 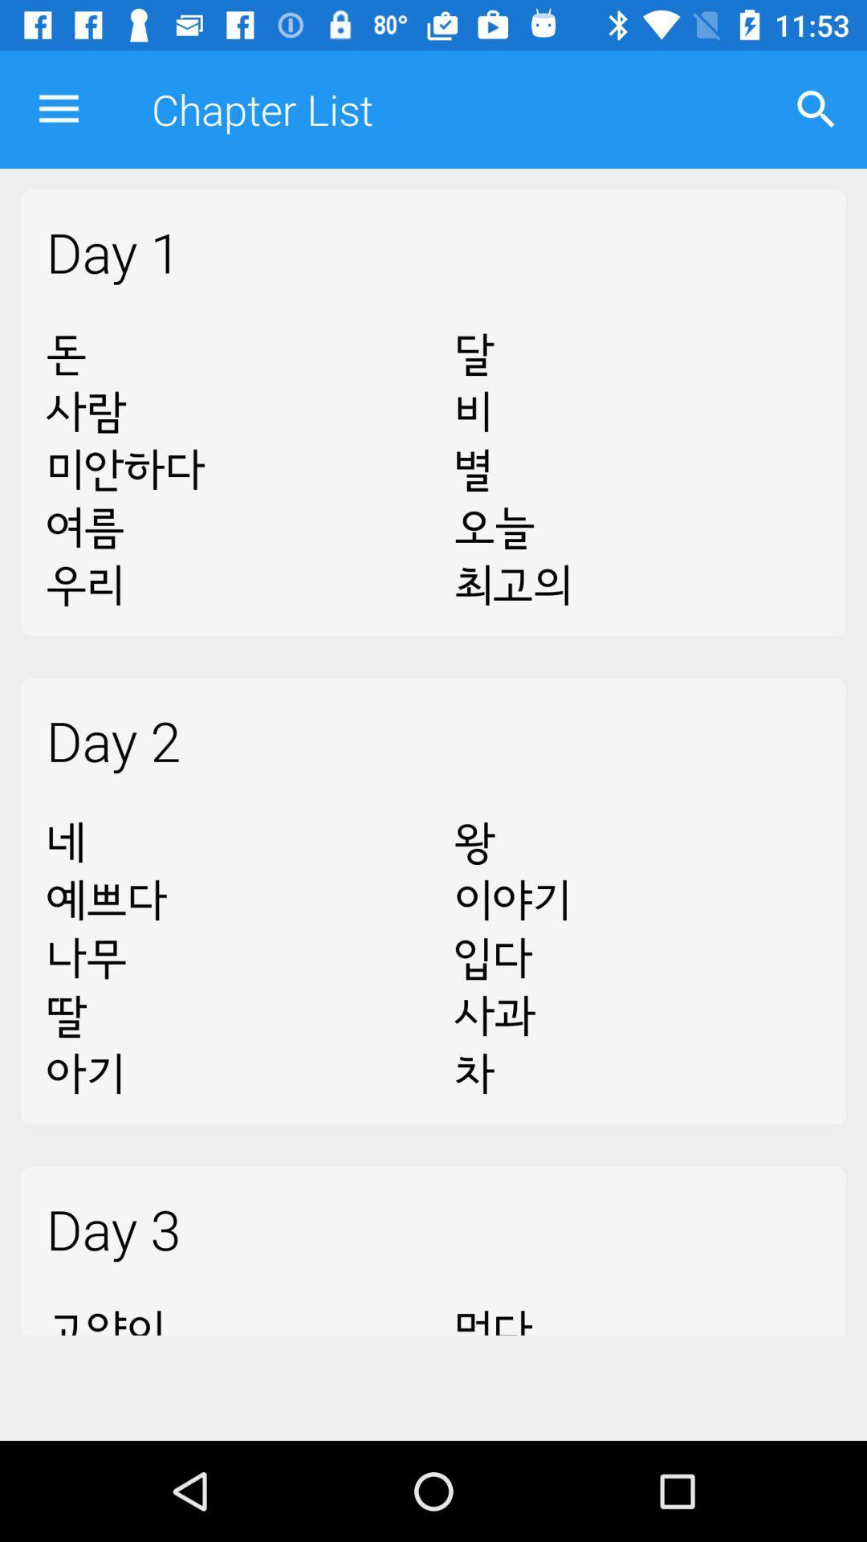 I want to click on day 3, so click(x=433, y=1228).